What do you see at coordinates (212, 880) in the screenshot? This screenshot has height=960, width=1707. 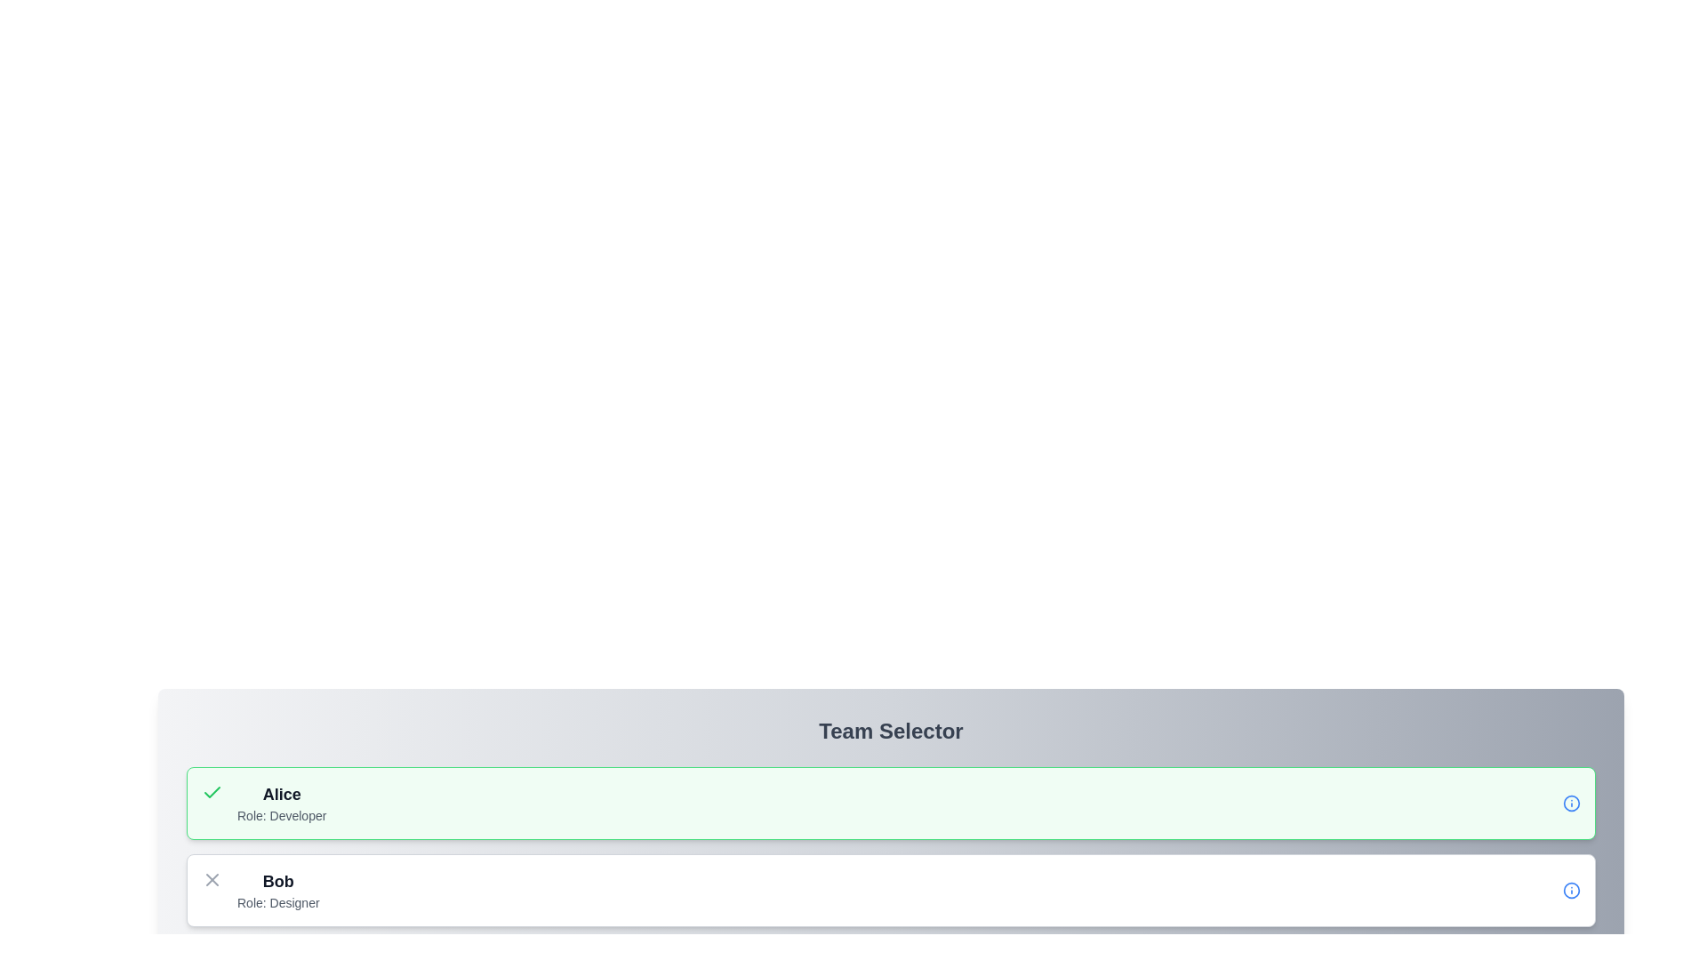 I see `the checkmark icon located at the far left of the second team member item, preceding the name 'Bob' and the job title 'Role: Designer' in the Team Selector list` at bounding box center [212, 880].